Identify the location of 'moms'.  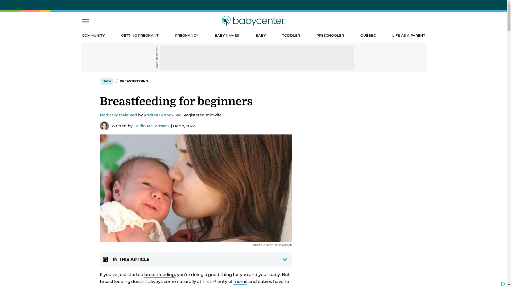
(240, 281).